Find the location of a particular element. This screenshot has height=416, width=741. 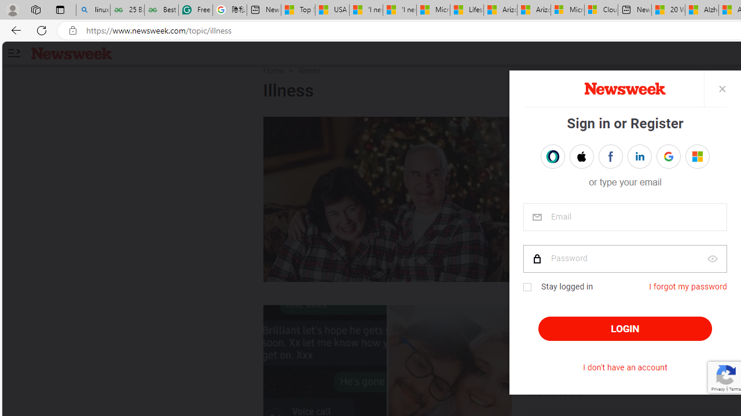

'Cloud Computing Services | Microsoft Azure' is located at coordinates (601, 10).